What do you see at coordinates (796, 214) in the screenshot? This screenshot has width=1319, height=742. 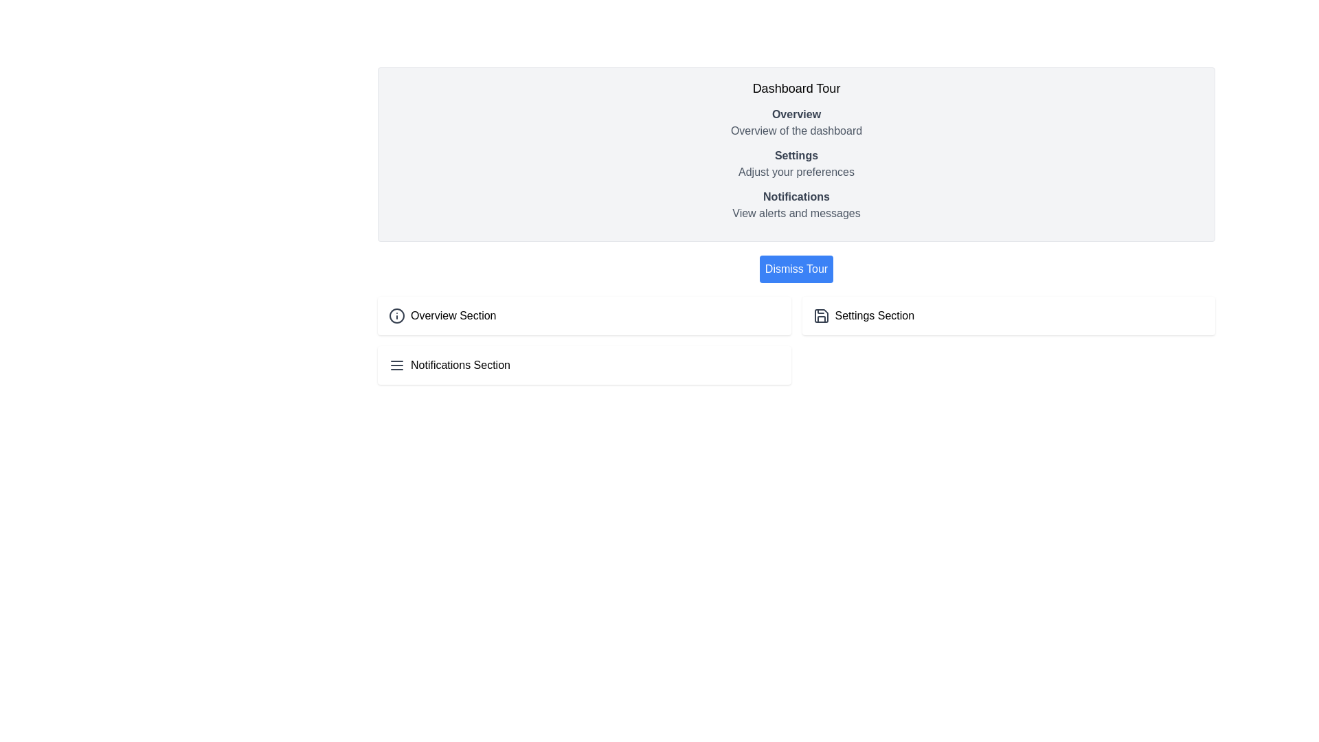 I see `the text label that reads 'View alerts and messages', which is styled with the 'text-gray-600' class and located below the 'Notifications' header` at bounding box center [796, 214].